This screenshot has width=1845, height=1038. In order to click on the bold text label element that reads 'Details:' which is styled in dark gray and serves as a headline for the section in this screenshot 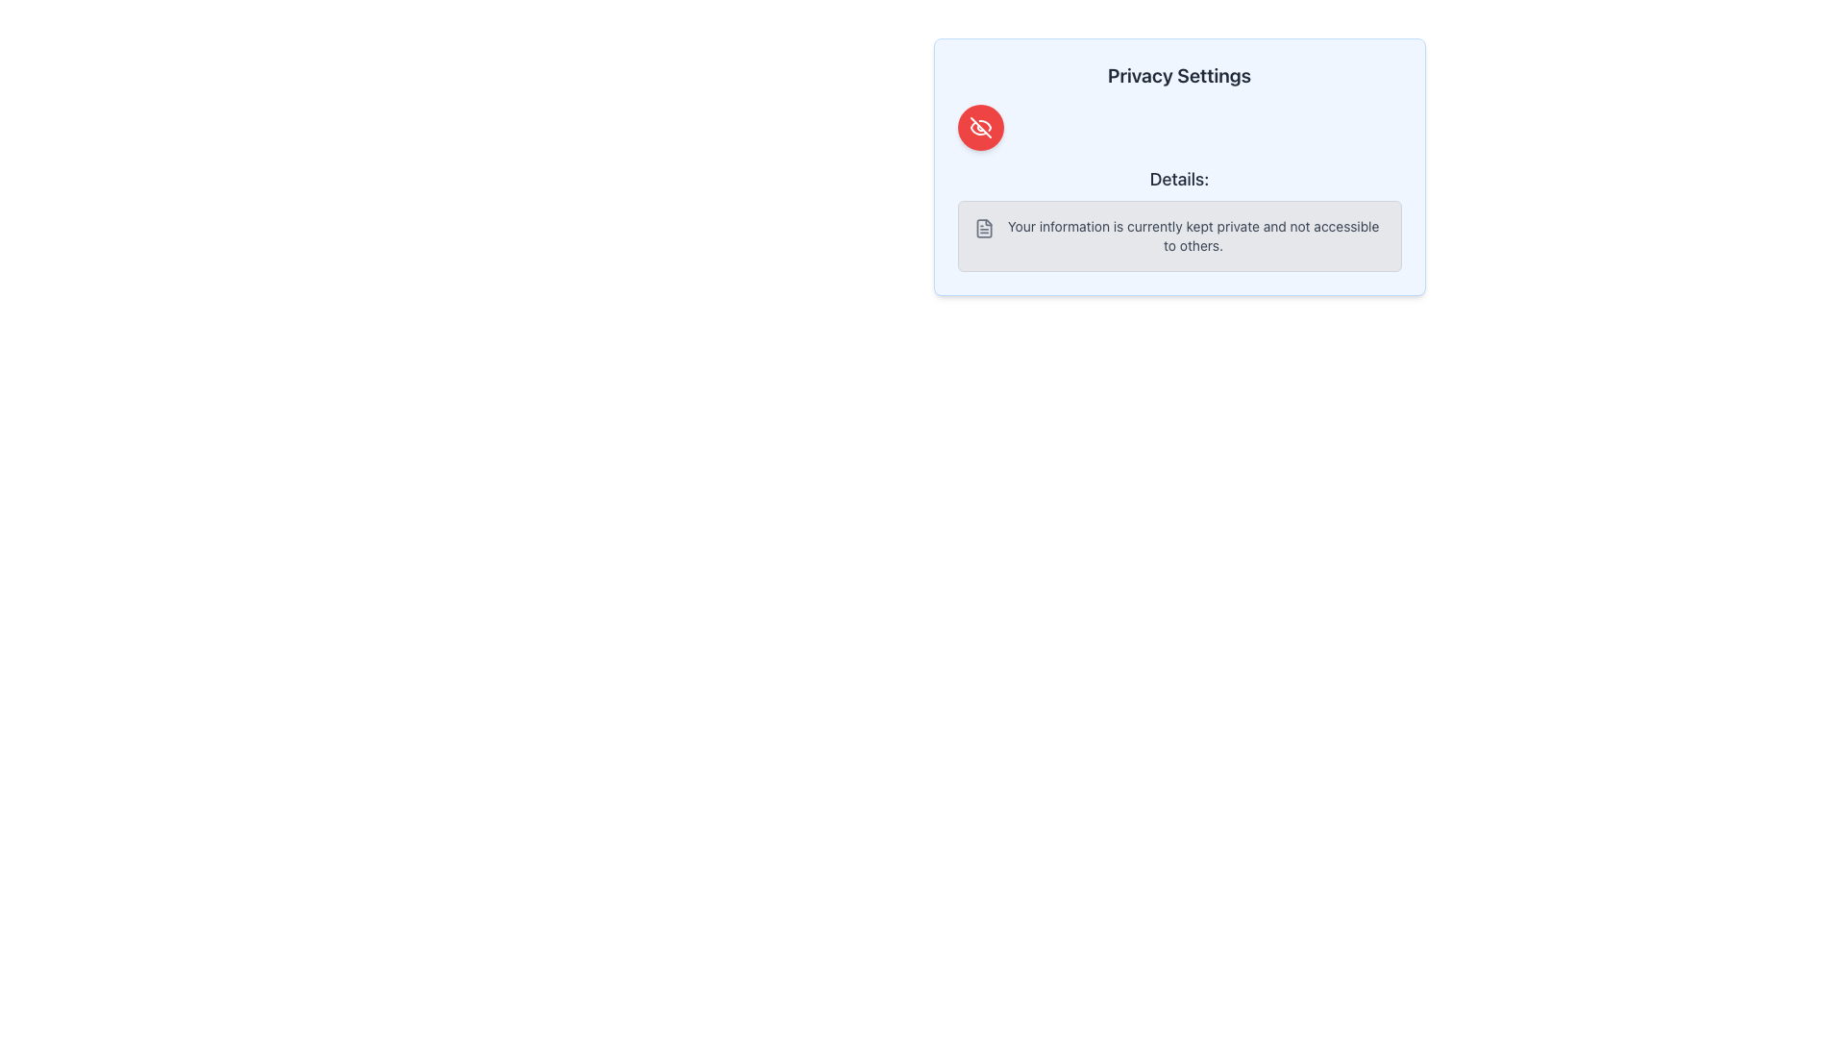, I will do `click(1178, 179)`.